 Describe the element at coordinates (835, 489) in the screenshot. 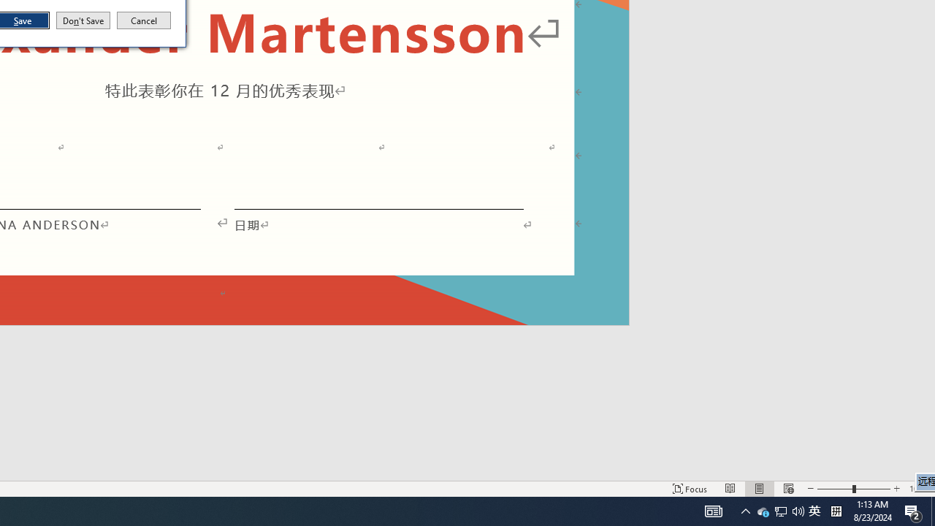

I see `'Zoom Out'` at that location.